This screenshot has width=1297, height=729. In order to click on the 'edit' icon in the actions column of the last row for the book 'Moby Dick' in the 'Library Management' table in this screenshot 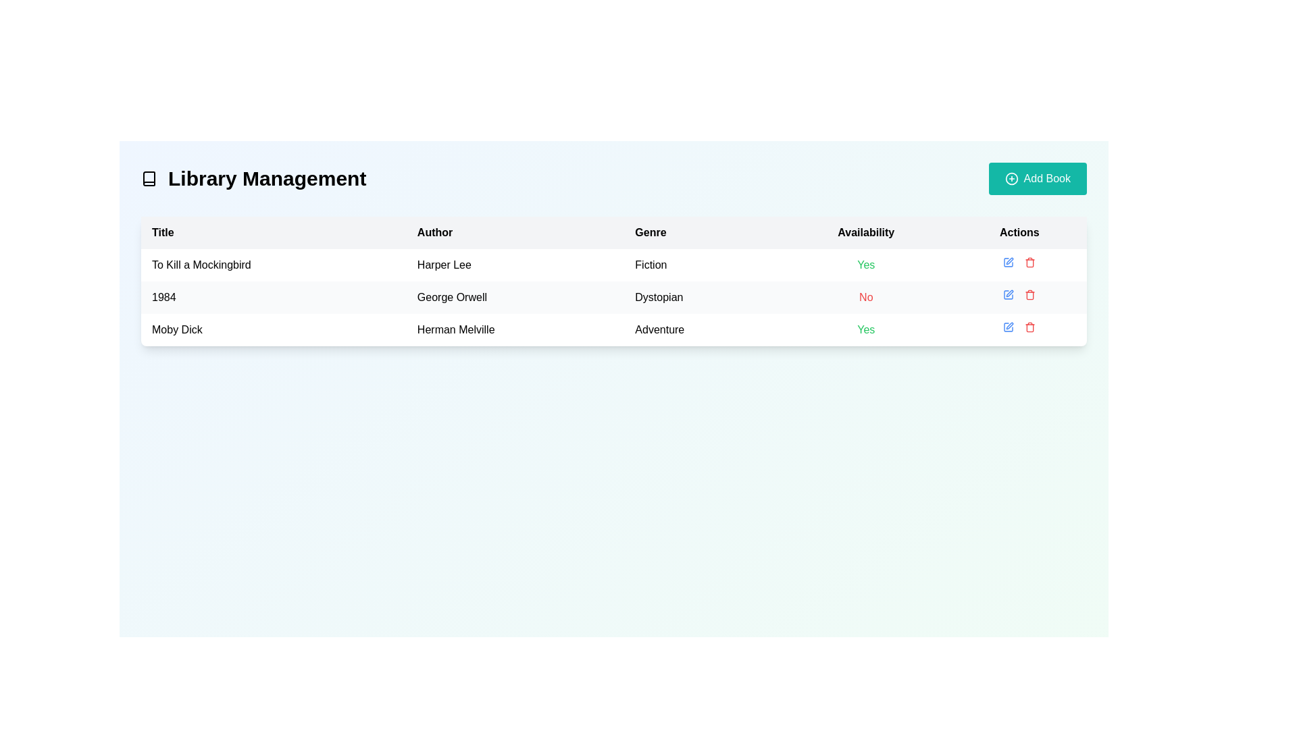, I will do `click(1009, 327)`.